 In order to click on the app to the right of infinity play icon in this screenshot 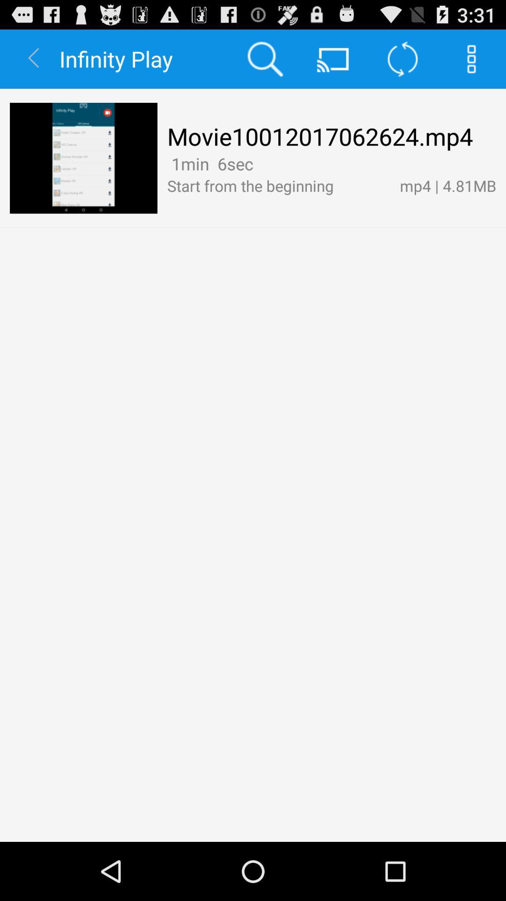, I will do `click(265, 58)`.